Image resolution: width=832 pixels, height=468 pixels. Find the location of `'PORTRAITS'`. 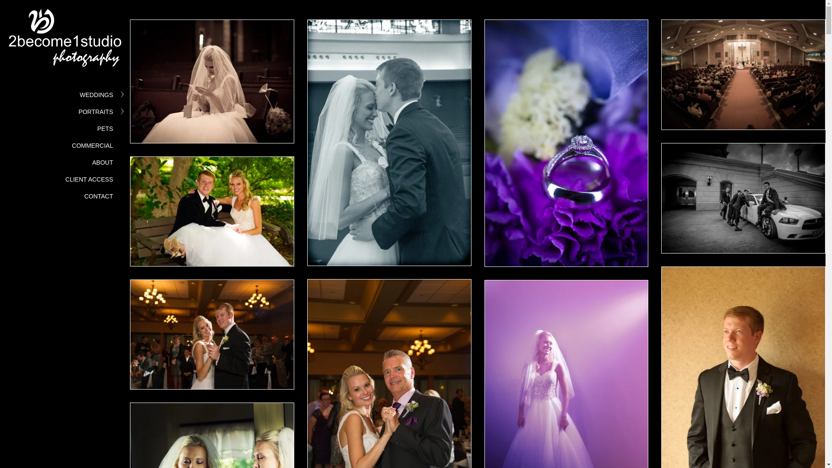

'PORTRAITS' is located at coordinates (95, 111).